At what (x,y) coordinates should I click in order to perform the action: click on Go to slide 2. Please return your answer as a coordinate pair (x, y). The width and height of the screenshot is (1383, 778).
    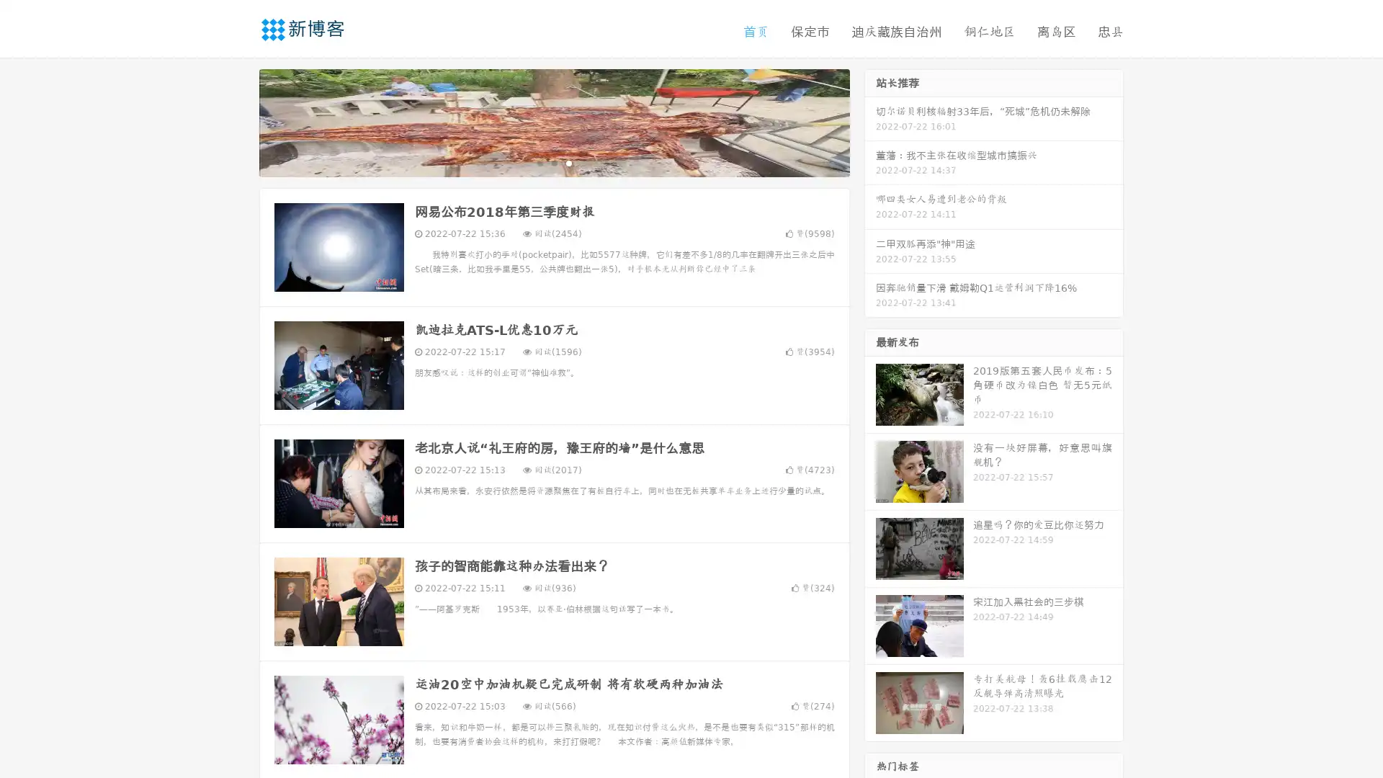
    Looking at the image, I should click on (553, 162).